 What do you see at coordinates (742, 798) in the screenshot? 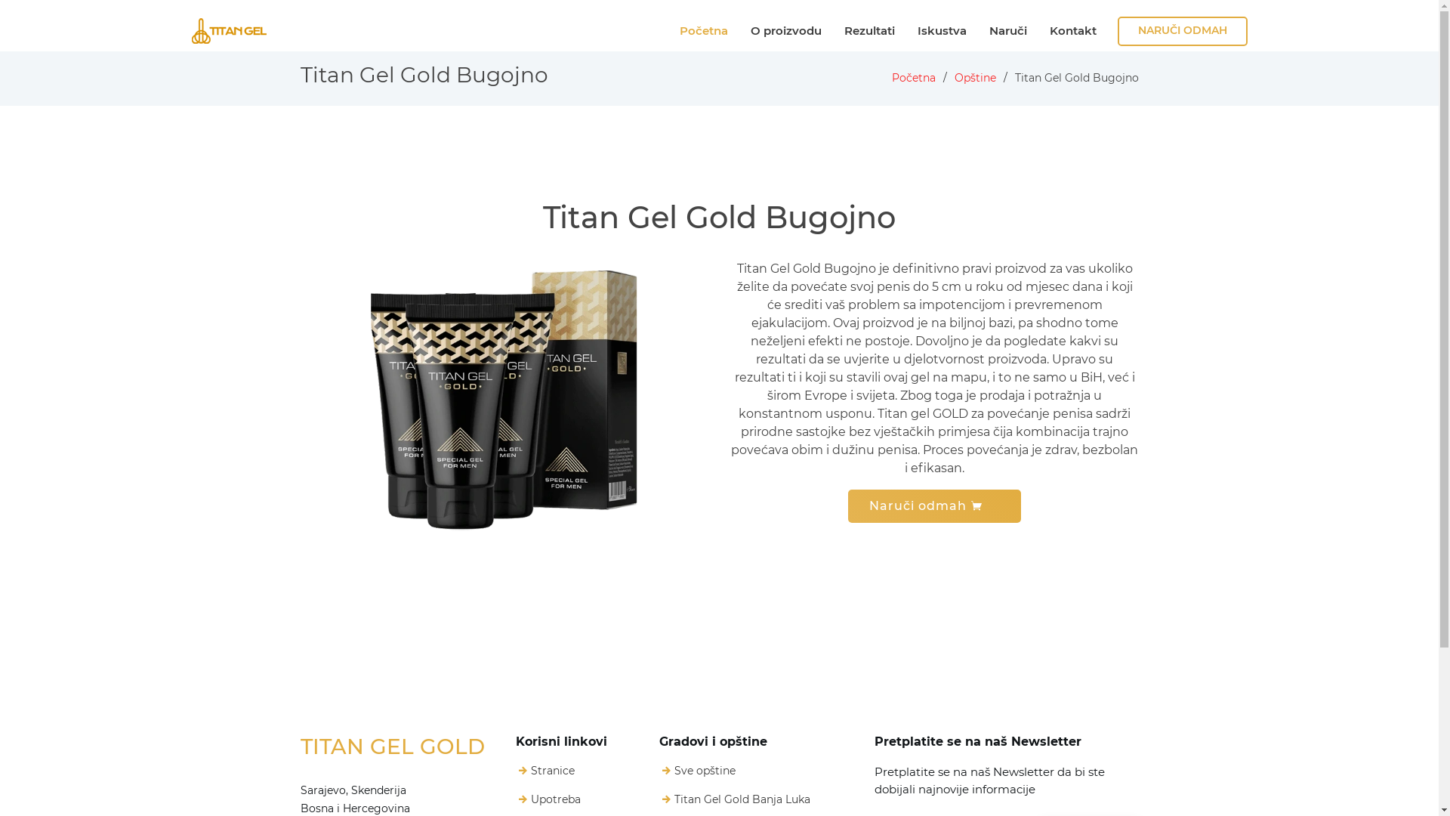
I see `'Titan Gel Gold Banja Luka'` at bounding box center [742, 798].